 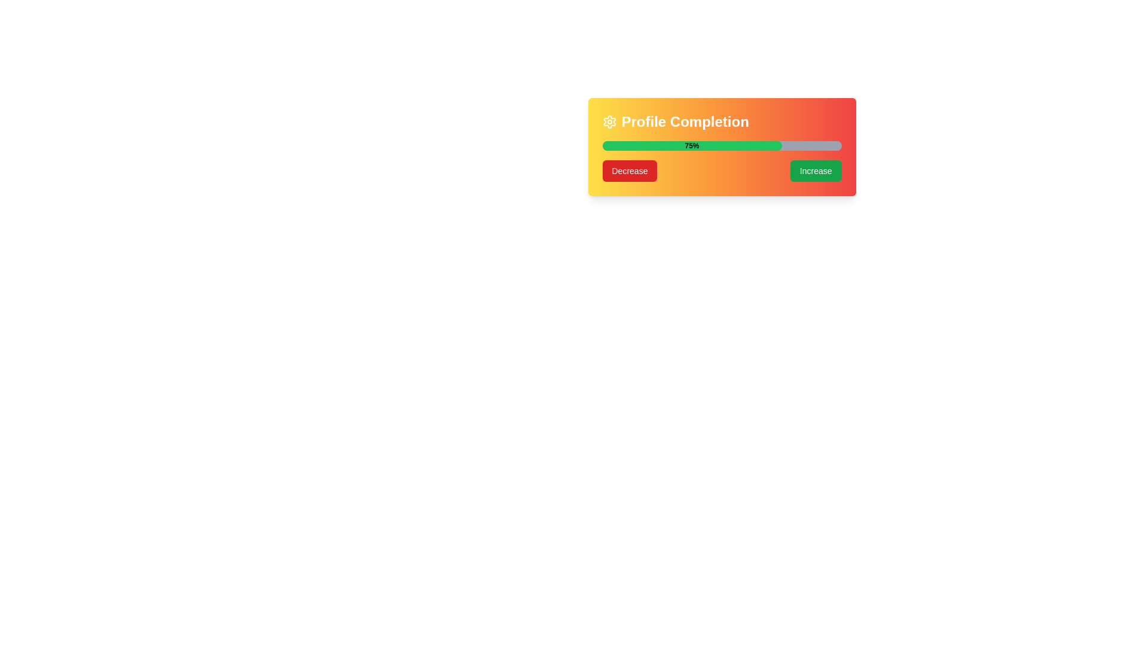 What do you see at coordinates (629, 170) in the screenshot?
I see `the red button labeled 'Decrease'` at bounding box center [629, 170].